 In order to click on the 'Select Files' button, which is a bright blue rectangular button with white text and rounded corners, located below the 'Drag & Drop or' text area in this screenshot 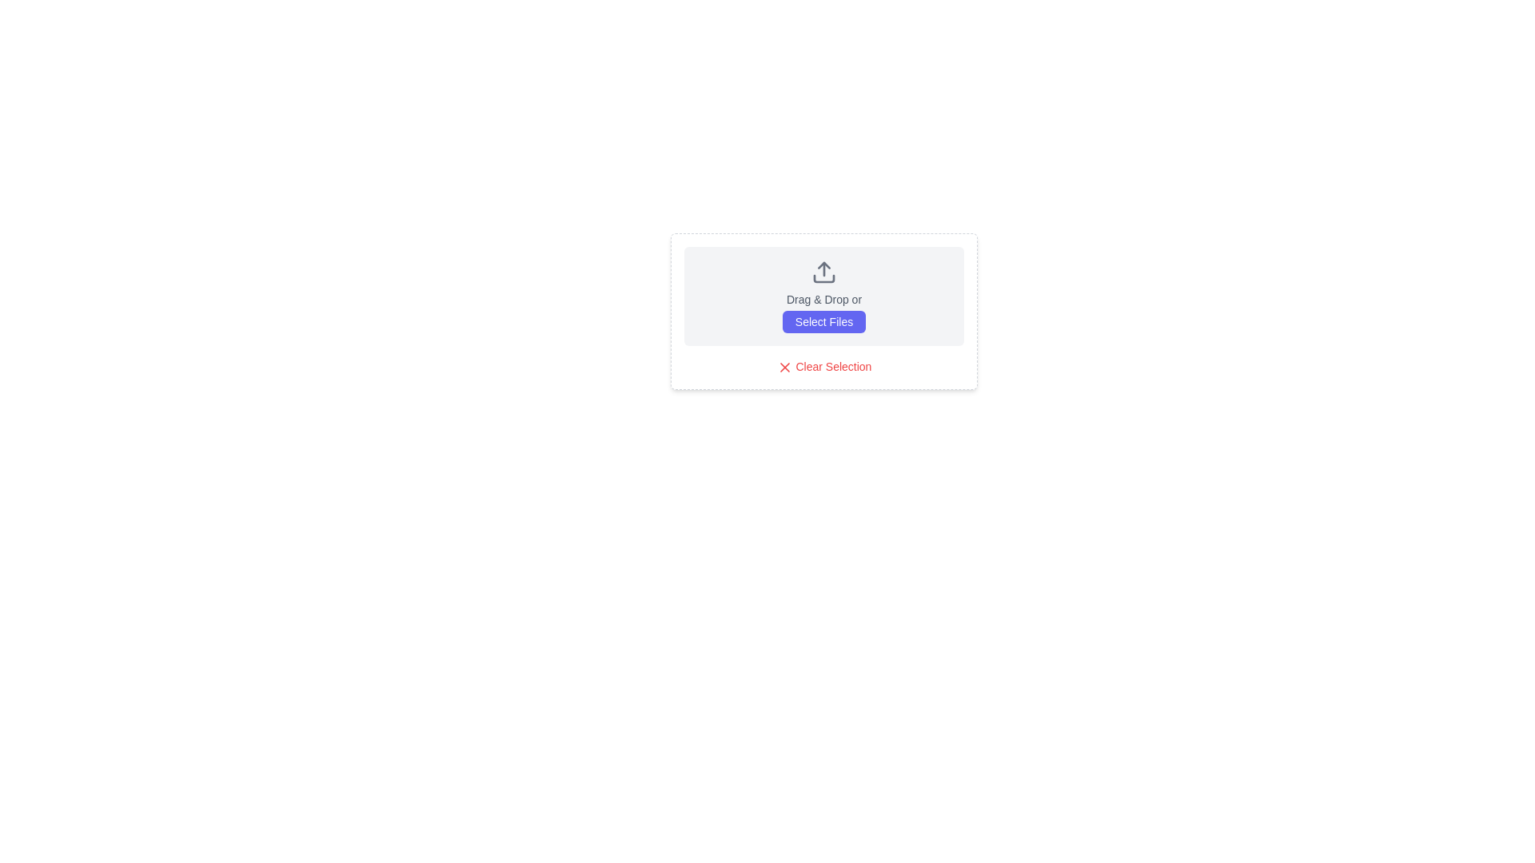, I will do `click(824, 321)`.